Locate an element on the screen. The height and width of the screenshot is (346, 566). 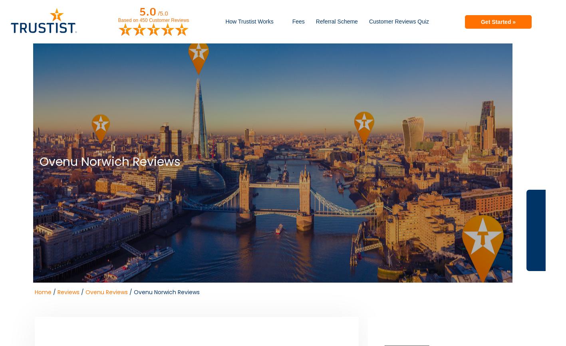
'/ Ovenu Norwich Reviews' is located at coordinates (163, 292).